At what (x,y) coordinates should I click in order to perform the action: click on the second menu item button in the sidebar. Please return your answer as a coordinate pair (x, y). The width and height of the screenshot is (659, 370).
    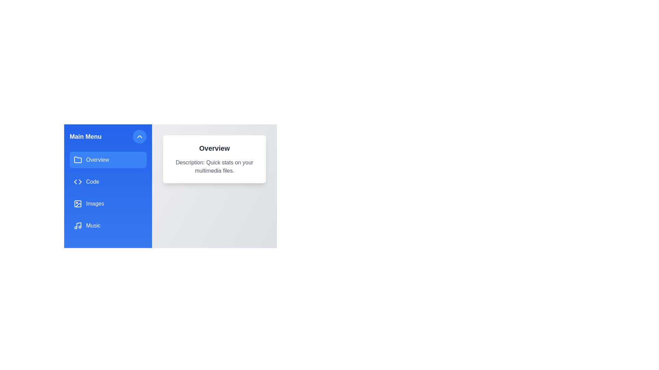
    Looking at the image, I should click on (108, 182).